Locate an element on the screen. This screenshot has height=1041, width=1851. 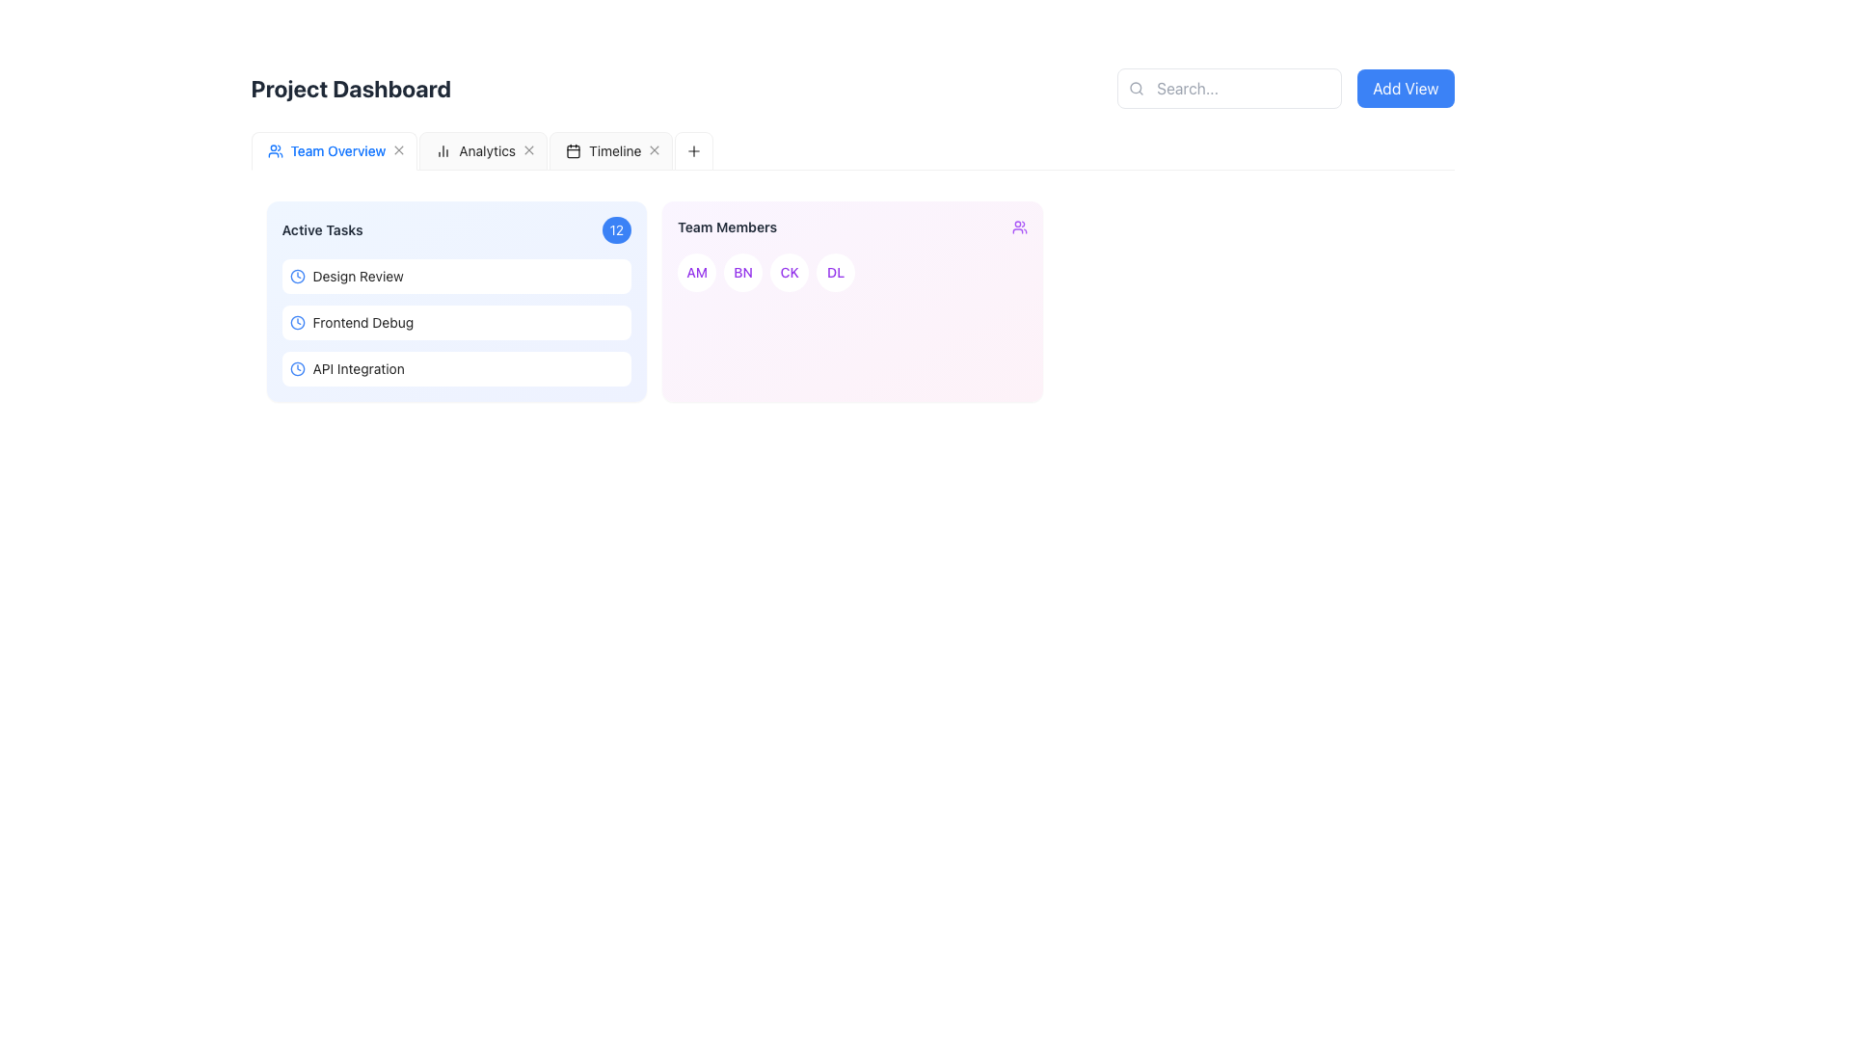
the textual label of the third tab in the top navigation bar is located at coordinates (614, 150).